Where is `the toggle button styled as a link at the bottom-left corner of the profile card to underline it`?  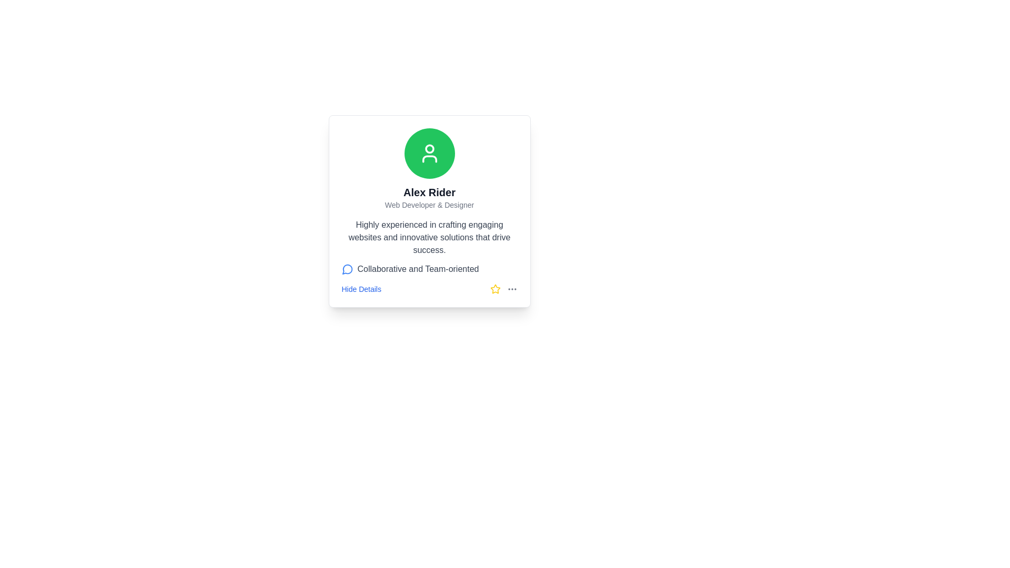
the toggle button styled as a link at the bottom-left corner of the profile card to underline it is located at coordinates (361, 289).